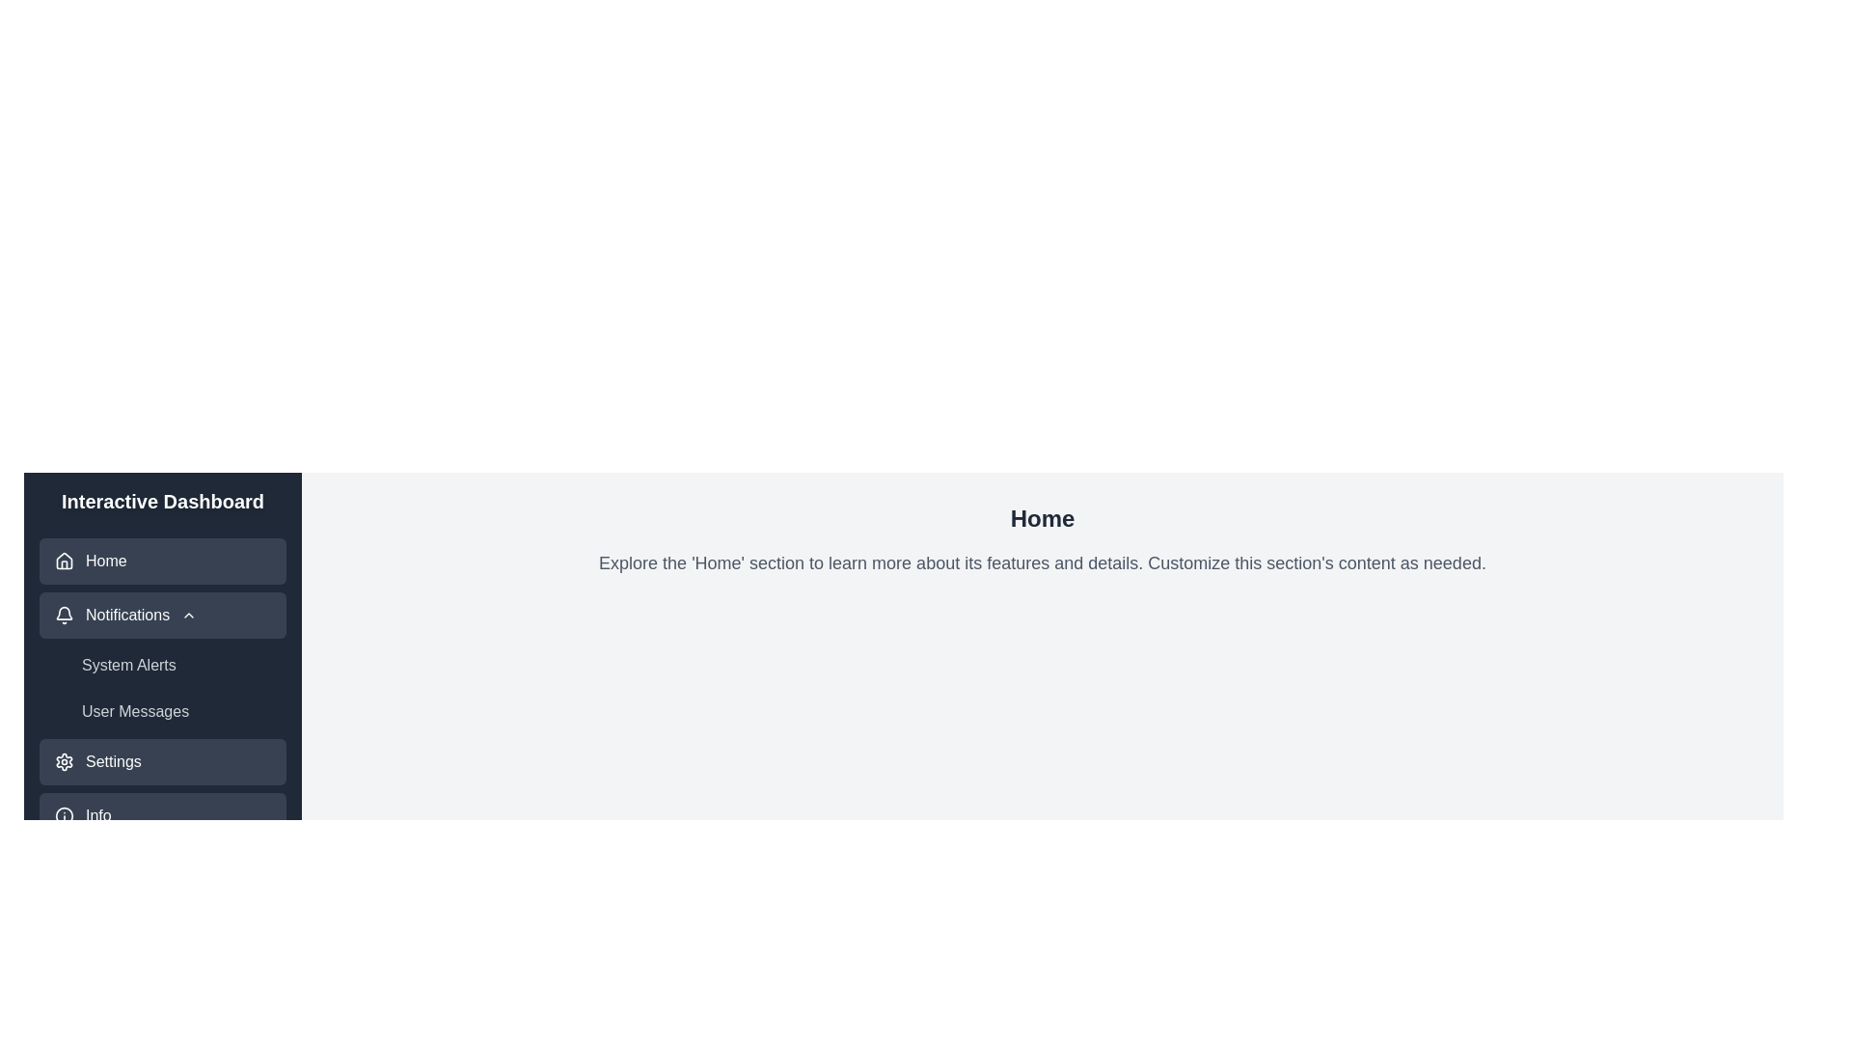 The width and height of the screenshot is (1852, 1042). I want to click on the SVG circle element that serves as a graphical component of the 'Info' menu item in the sidebar, so click(65, 815).